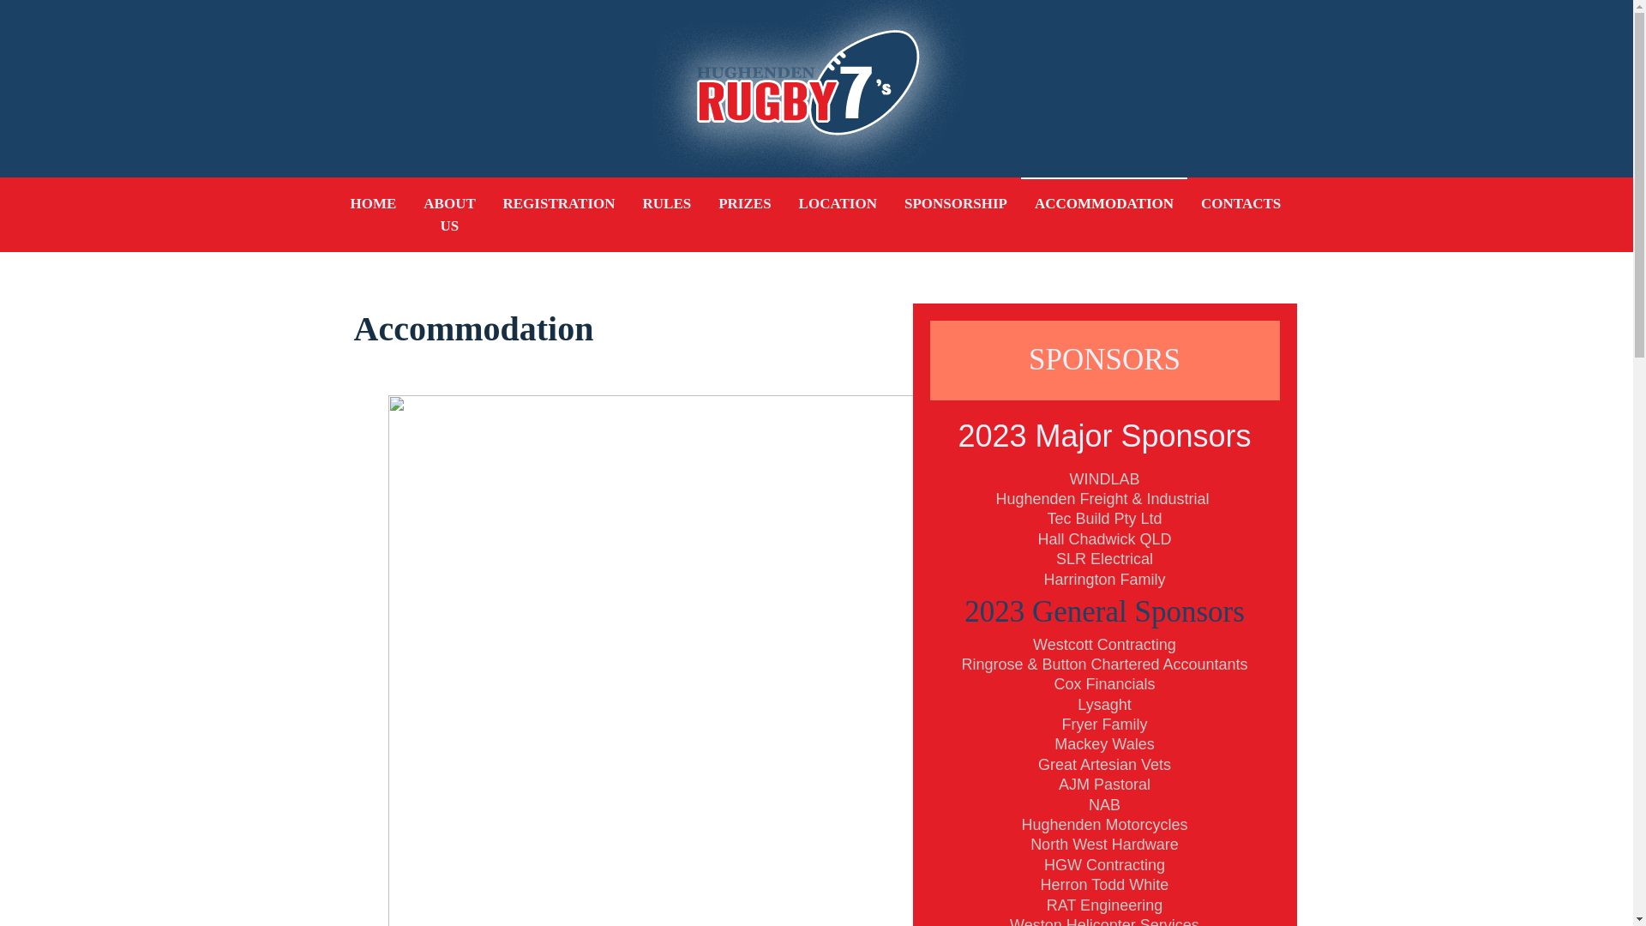 Image resolution: width=1646 pixels, height=926 pixels. I want to click on 'LOCATION', so click(838, 203).